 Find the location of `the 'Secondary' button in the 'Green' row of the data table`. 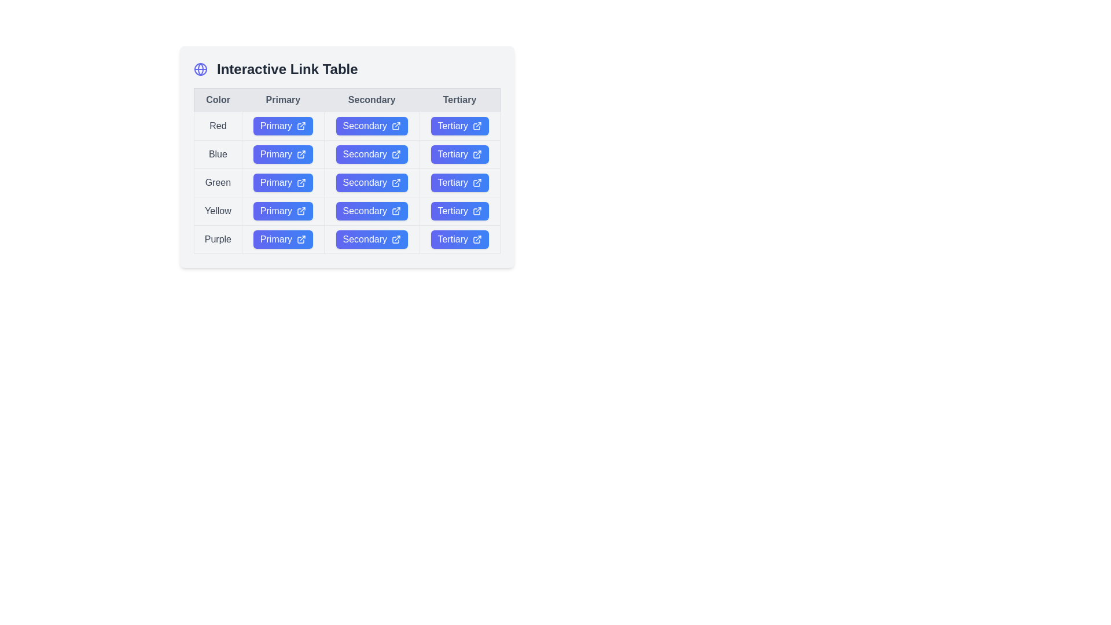

the 'Secondary' button in the 'Green' row of the data table is located at coordinates (347, 182).